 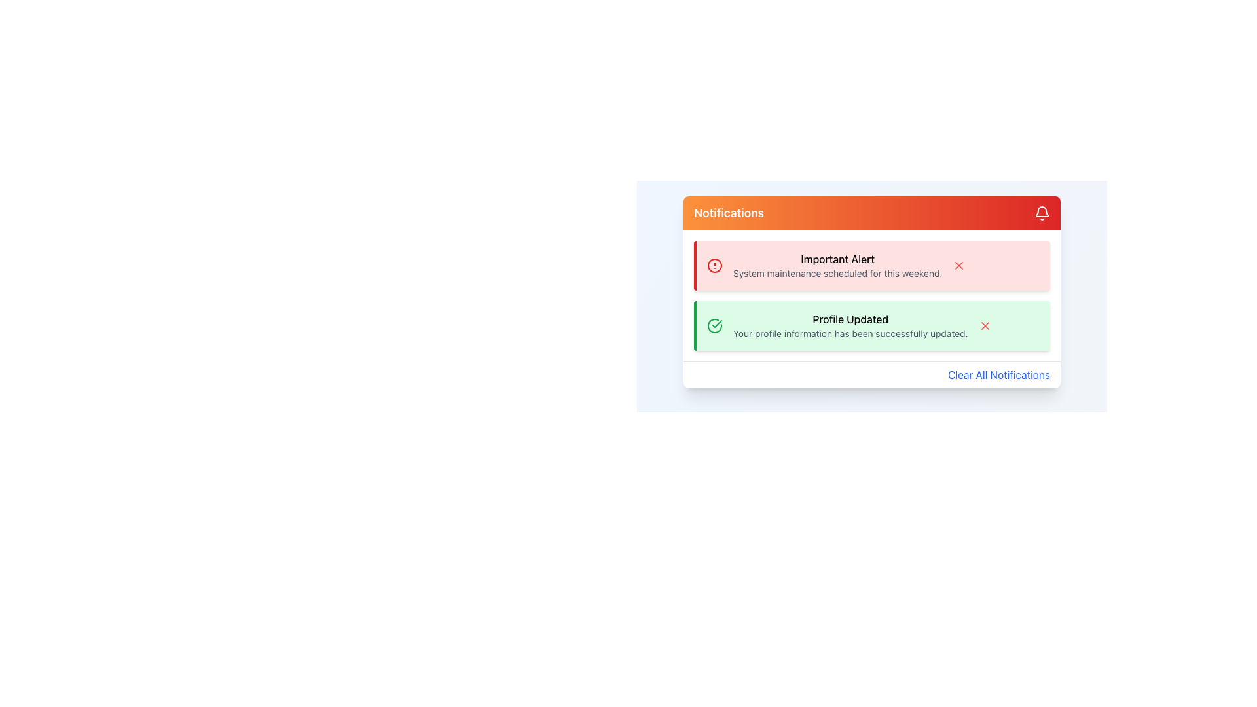 I want to click on details of the alert displayed in the Notification text area, which shows 'Important Alert' in prominent white text on a red background, so click(x=837, y=265).